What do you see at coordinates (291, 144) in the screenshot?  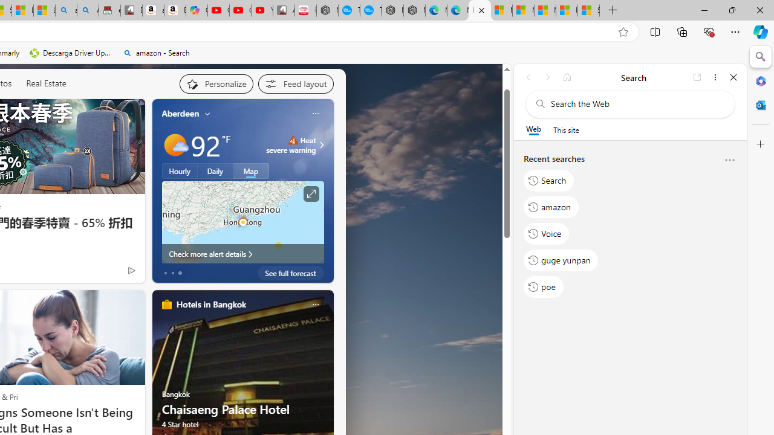 I see `'Heat - Severe Heat severe warning'` at bounding box center [291, 144].